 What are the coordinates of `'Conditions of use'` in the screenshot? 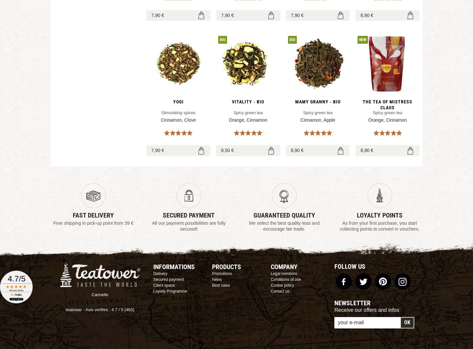 It's located at (270, 279).